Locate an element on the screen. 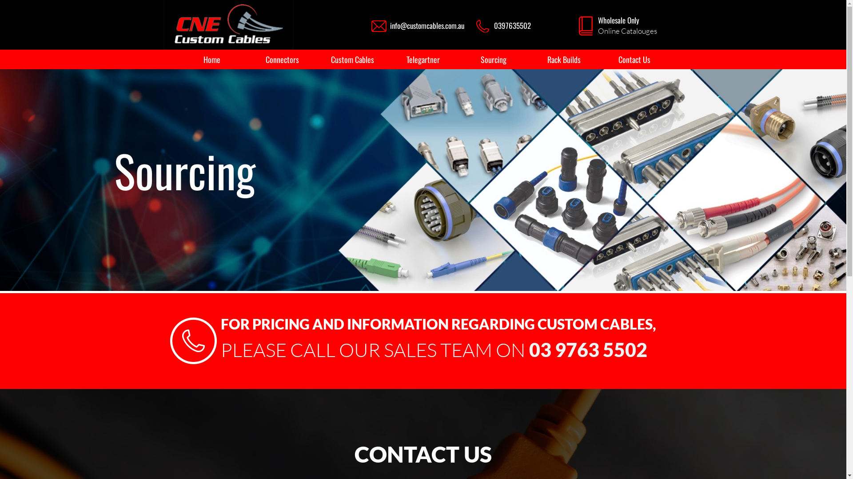 The height and width of the screenshot is (479, 853). 'Sourcing' is located at coordinates (493, 59).